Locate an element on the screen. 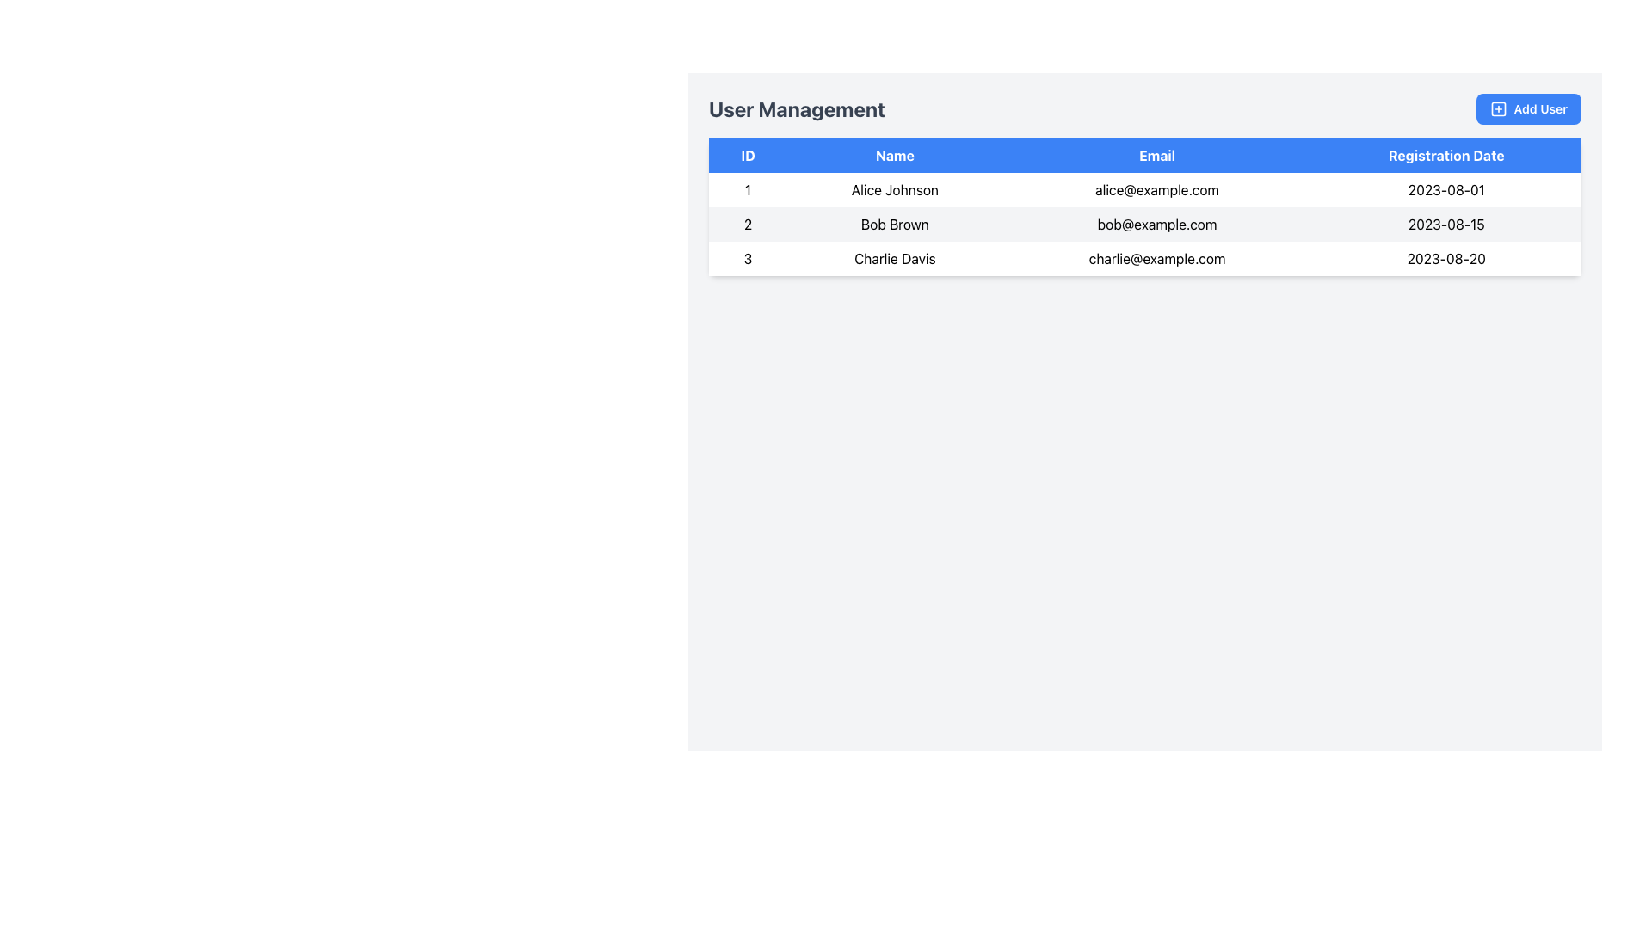 The width and height of the screenshot is (1652, 929). the table row containing user 'Bob Brown' in the 'User Management' table is located at coordinates (1144, 224).